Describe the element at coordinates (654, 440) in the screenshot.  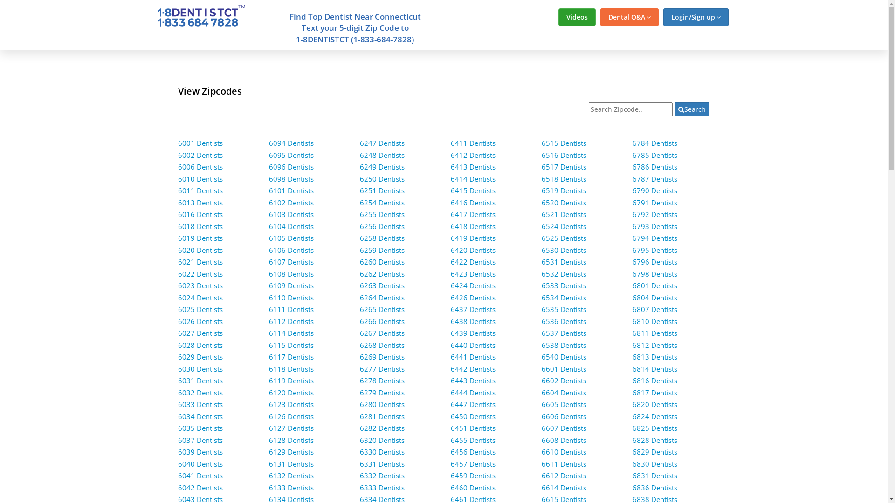
I see `'6828 Dentists'` at that location.